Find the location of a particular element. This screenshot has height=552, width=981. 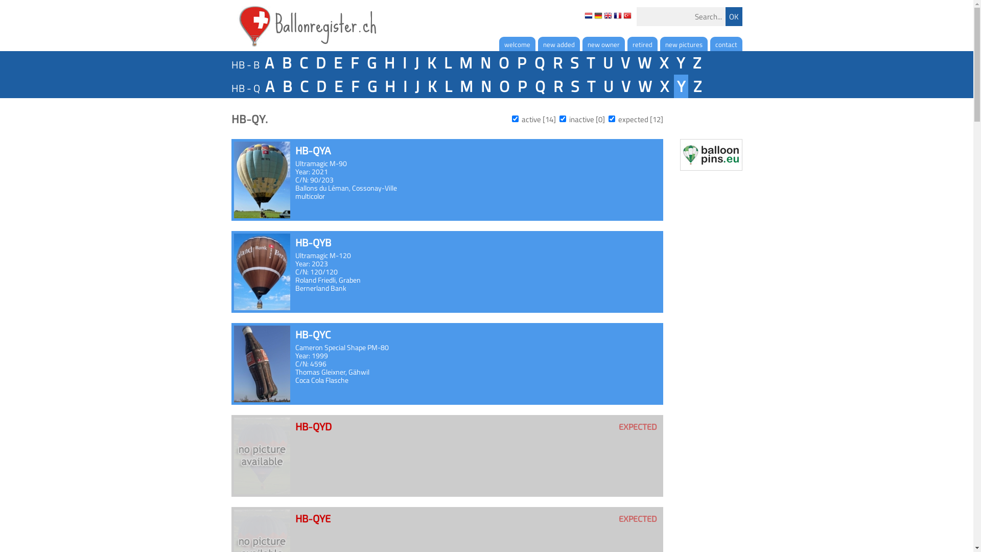

'V' is located at coordinates (625, 86).